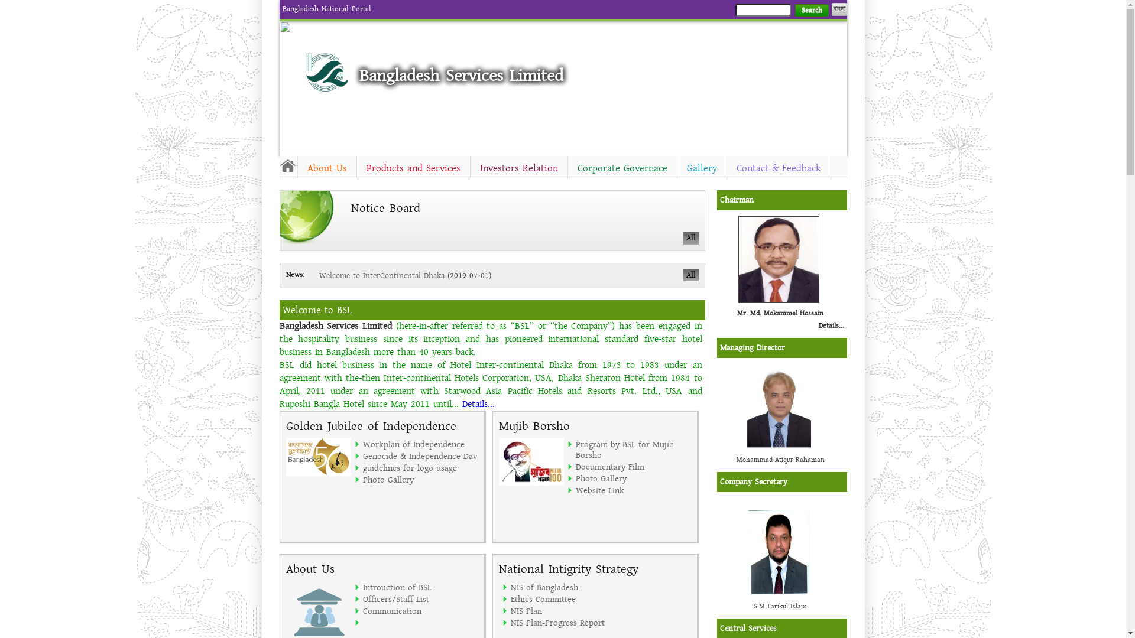  Describe the element at coordinates (420, 599) in the screenshot. I see `'Officers/Staff List'` at that location.